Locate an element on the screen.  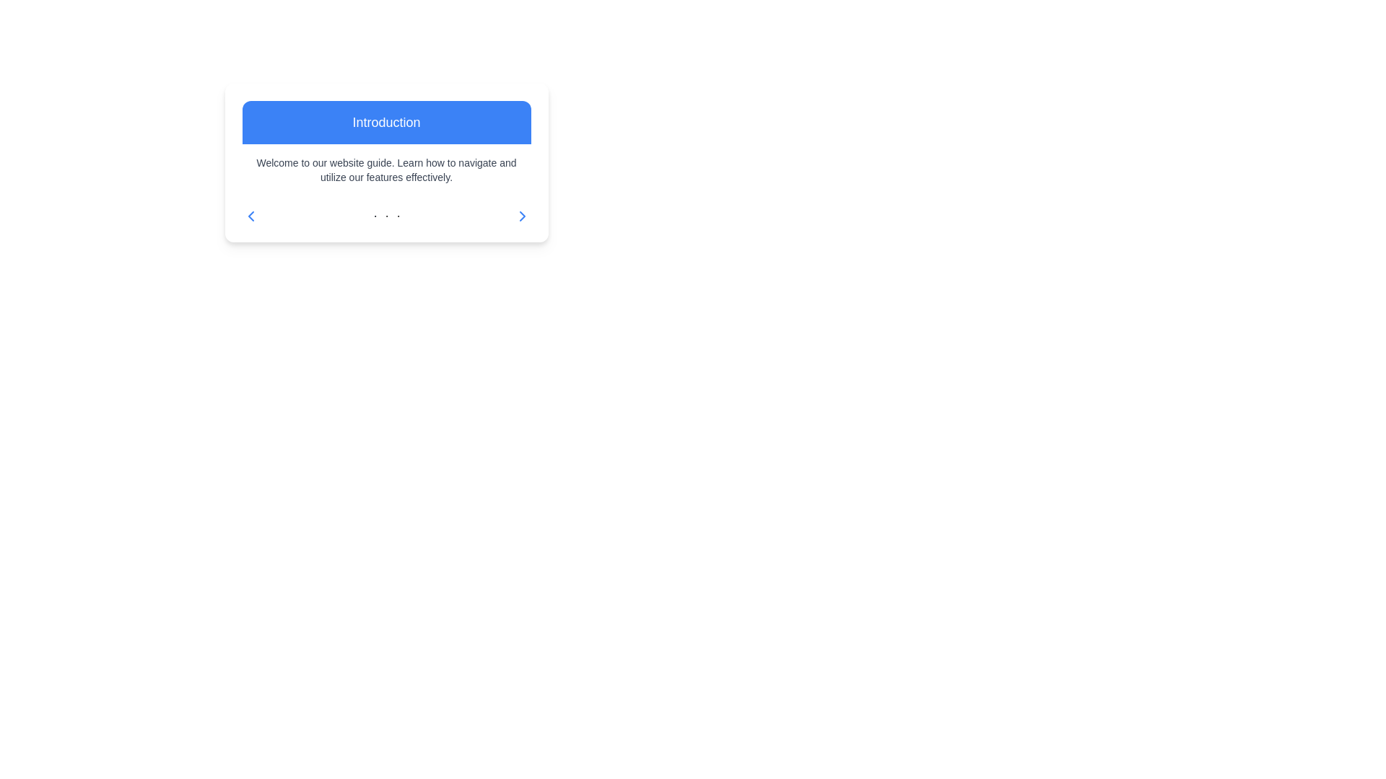
introductory guide message located in the text block directly beneath the blue header labeled 'Introduction' within the bordered card layout is located at coordinates (386, 169).